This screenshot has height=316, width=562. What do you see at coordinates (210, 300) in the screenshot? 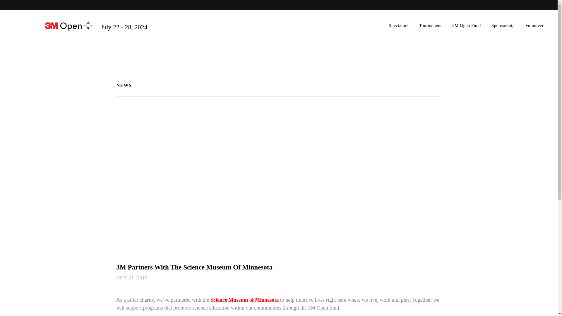
I see `'Science Museum of Minnesota'` at bounding box center [210, 300].